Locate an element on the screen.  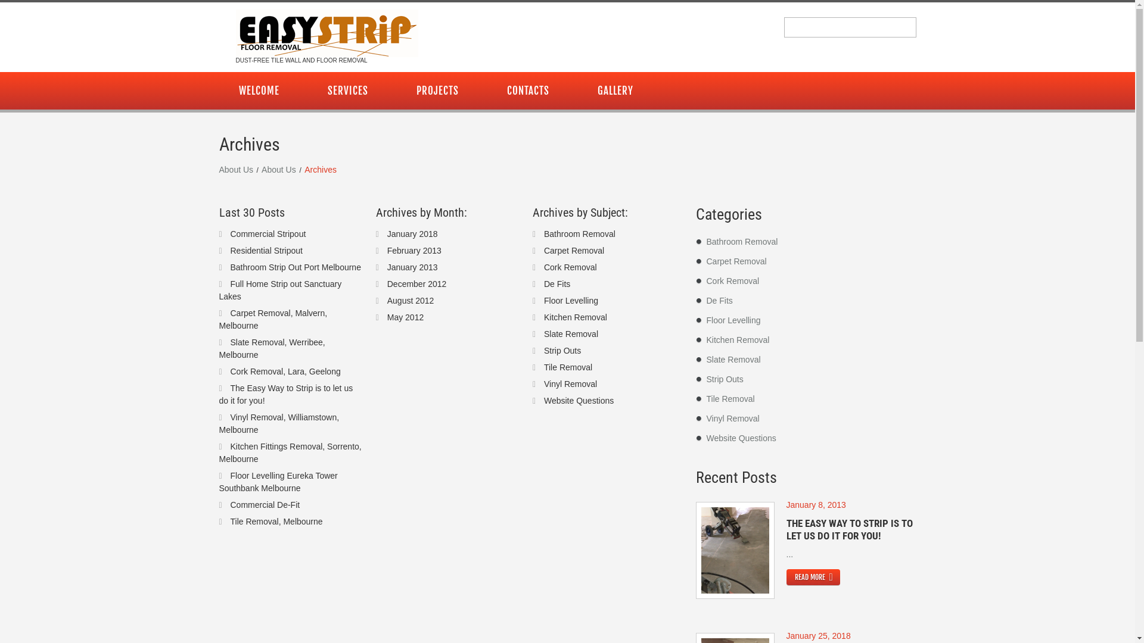
'PROJECTS' is located at coordinates (437, 90).